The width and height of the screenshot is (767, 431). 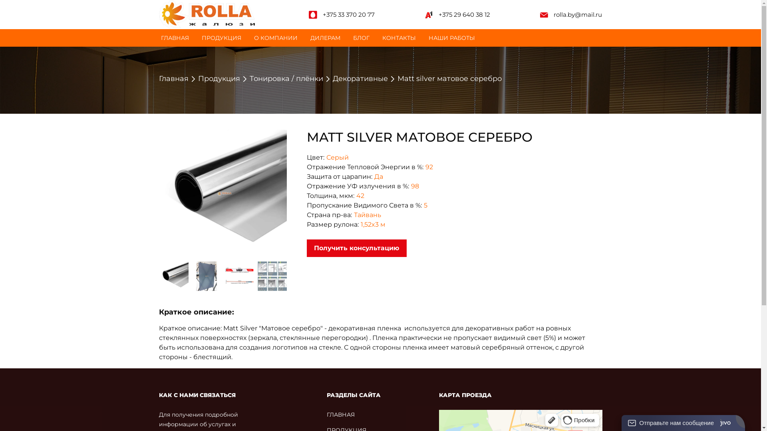 What do you see at coordinates (438, 14) in the screenshot?
I see `'+375 29 640 38 12'` at bounding box center [438, 14].